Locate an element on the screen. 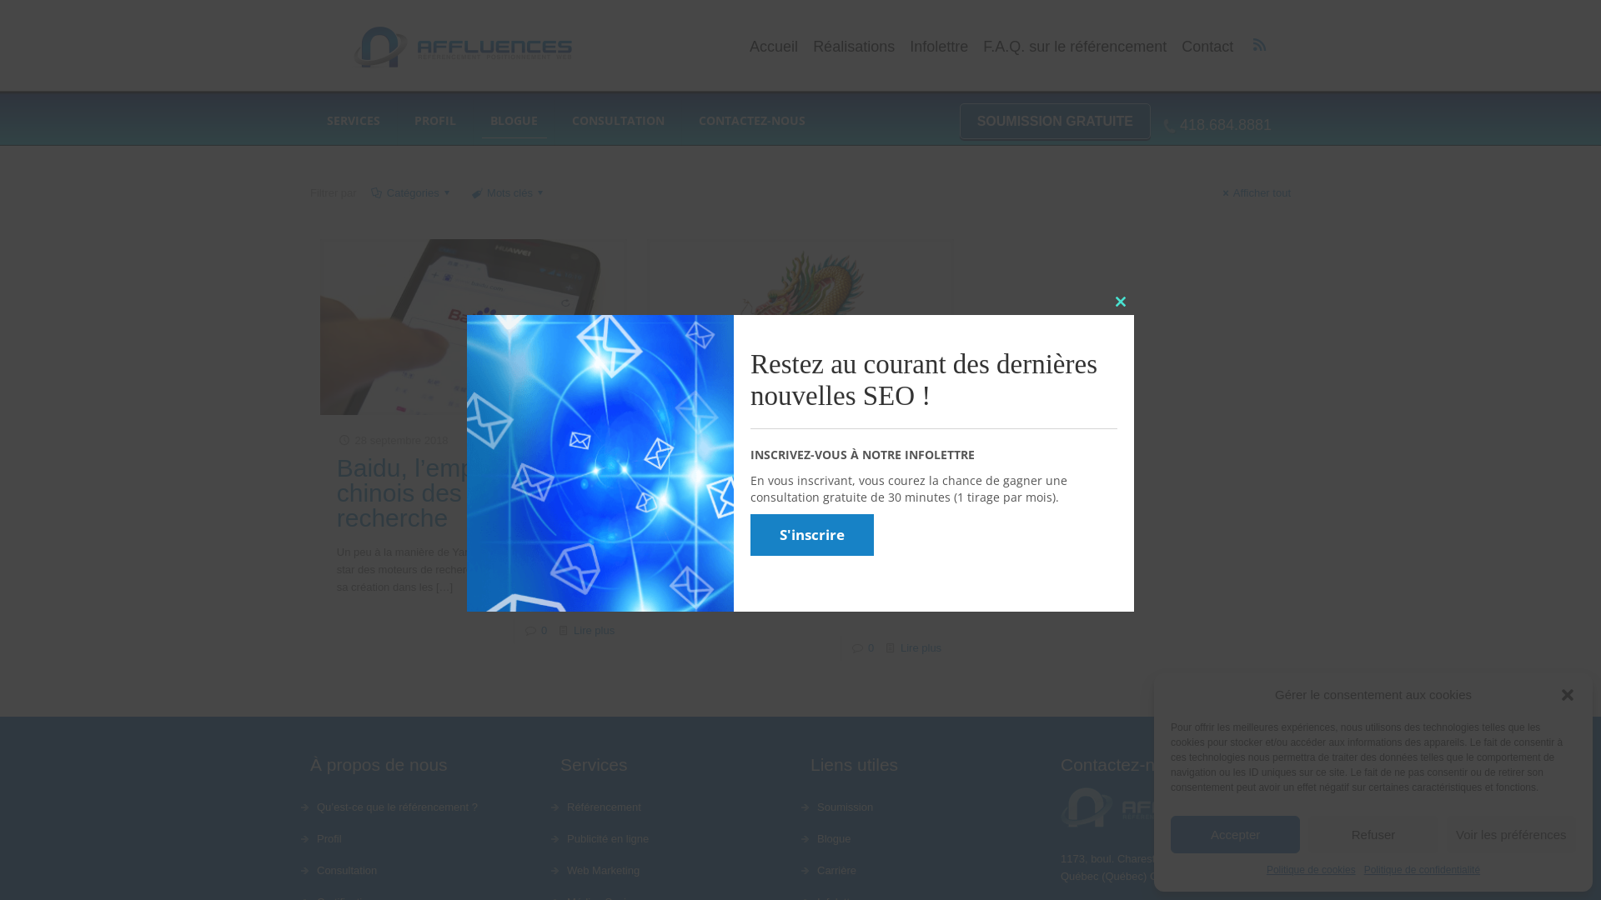  '0' is located at coordinates (544, 630).